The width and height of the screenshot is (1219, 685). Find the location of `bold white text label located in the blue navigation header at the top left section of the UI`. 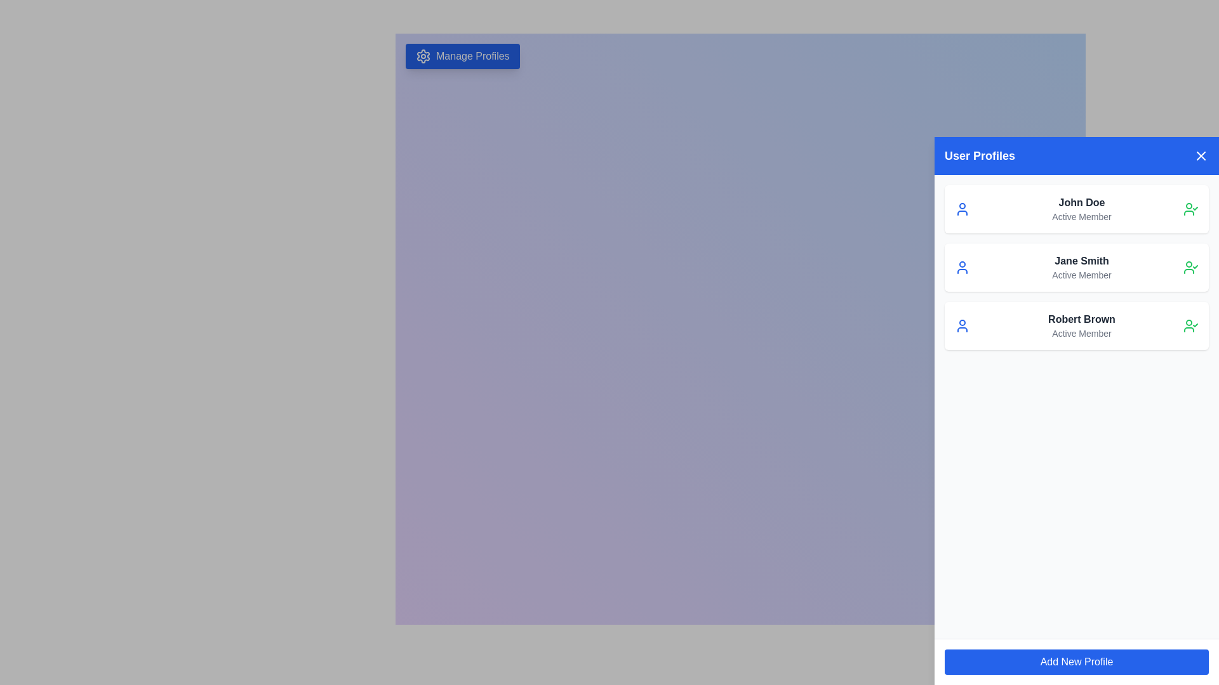

bold white text label located in the blue navigation header at the top left section of the UI is located at coordinates (979, 155).